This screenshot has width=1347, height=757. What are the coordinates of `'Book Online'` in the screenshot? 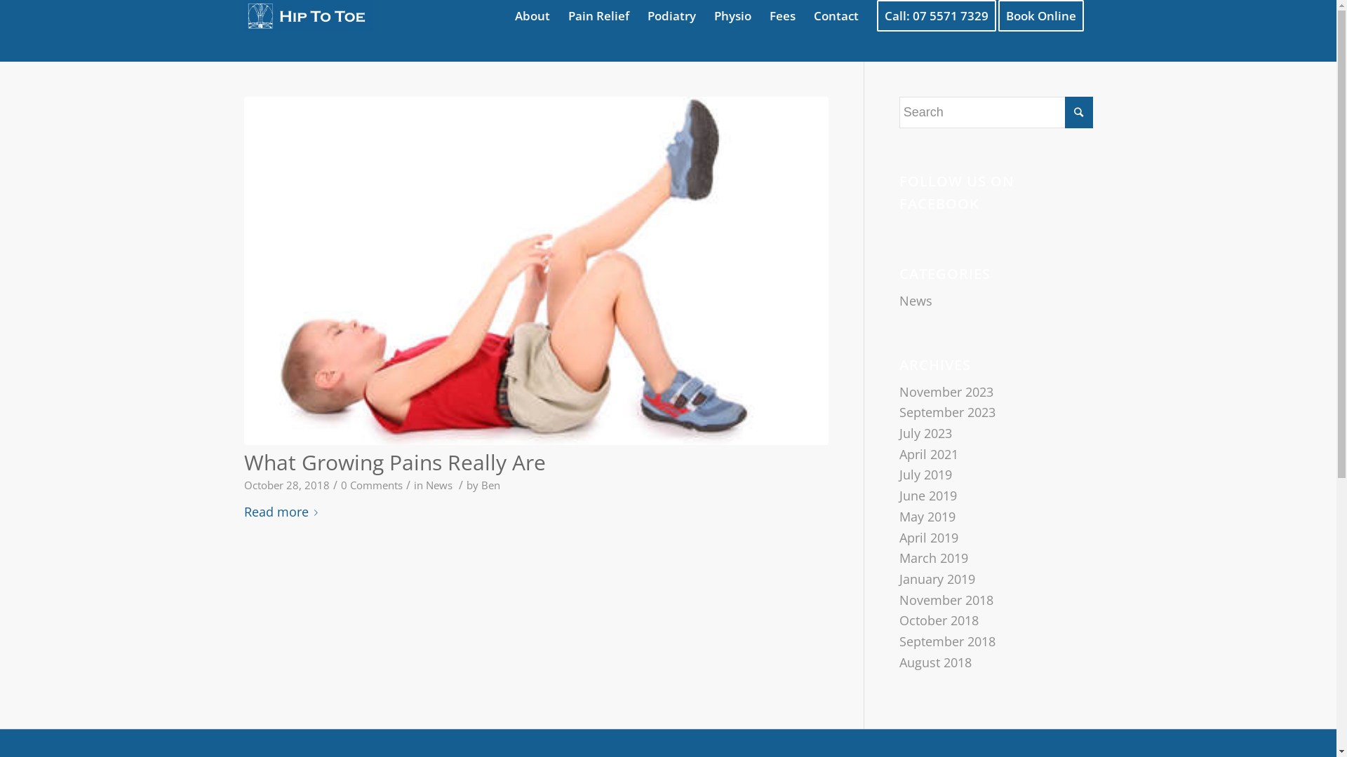 It's located at (1045, 15).